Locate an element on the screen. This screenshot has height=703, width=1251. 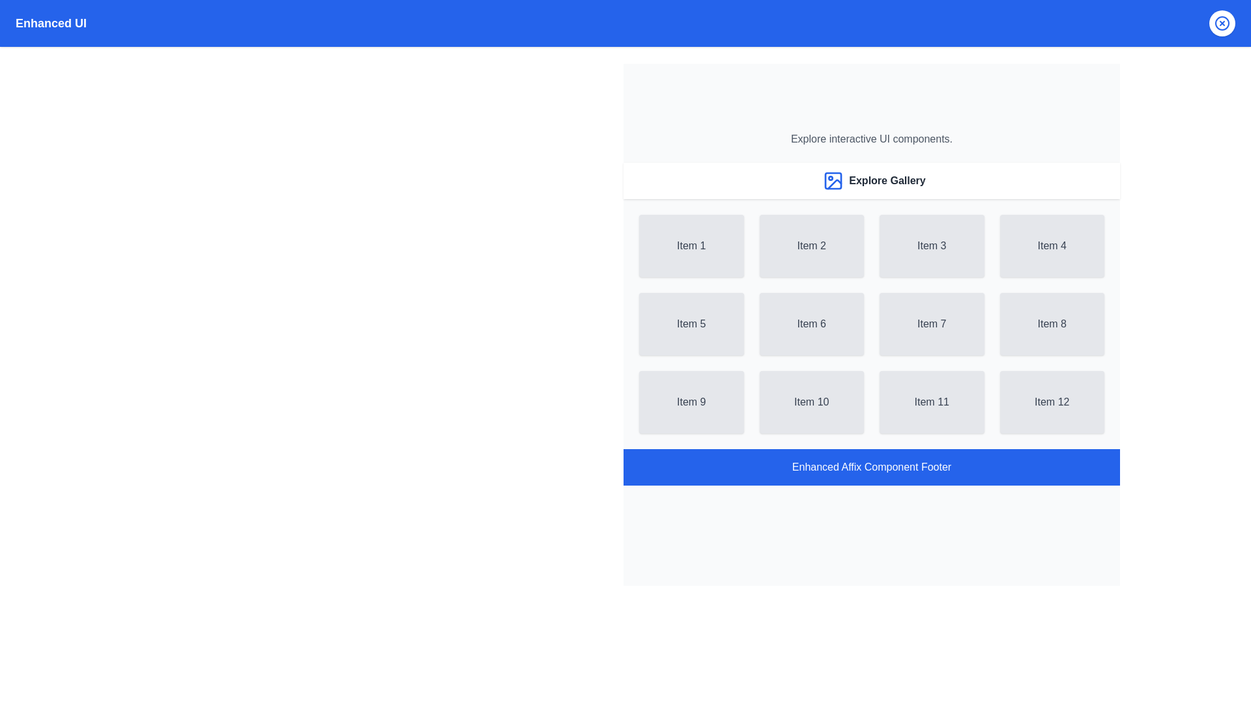
the static text display component labeled 'Item 8' located in the second row, fourth column of the grid layout is located at coordinates (1052, 323).